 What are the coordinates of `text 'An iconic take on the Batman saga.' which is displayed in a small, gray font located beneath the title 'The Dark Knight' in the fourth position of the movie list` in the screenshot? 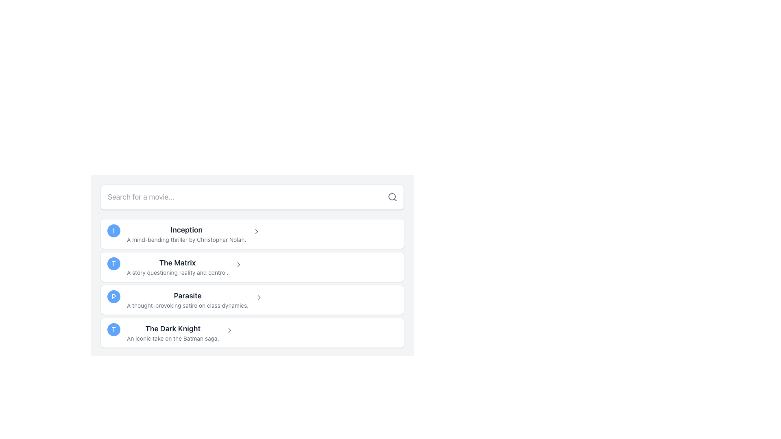 It's located at (172, 339).